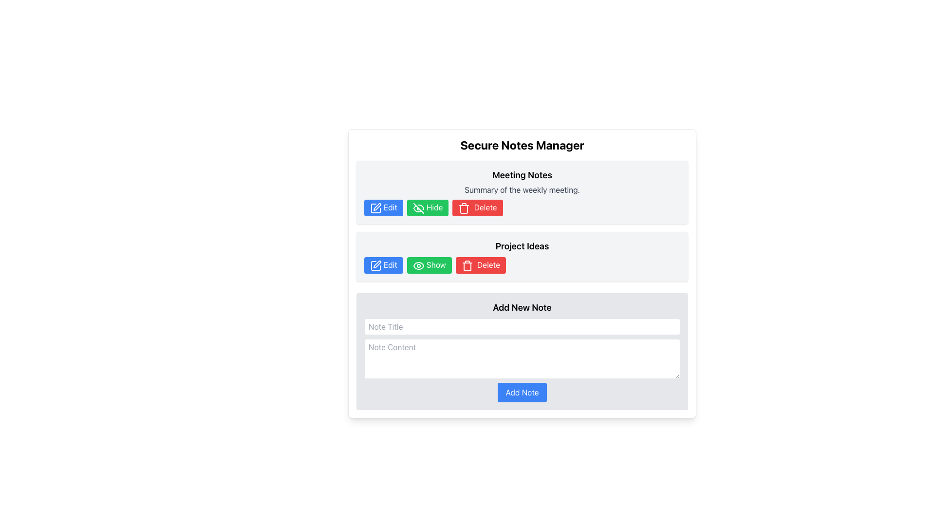  I want to click on the Text Label that serves as a descriptive title, positioned below the 'Meeting Notes' section and above the buttons labeled 'Edit', 'Show', and 'Delete', so click(522, 245).